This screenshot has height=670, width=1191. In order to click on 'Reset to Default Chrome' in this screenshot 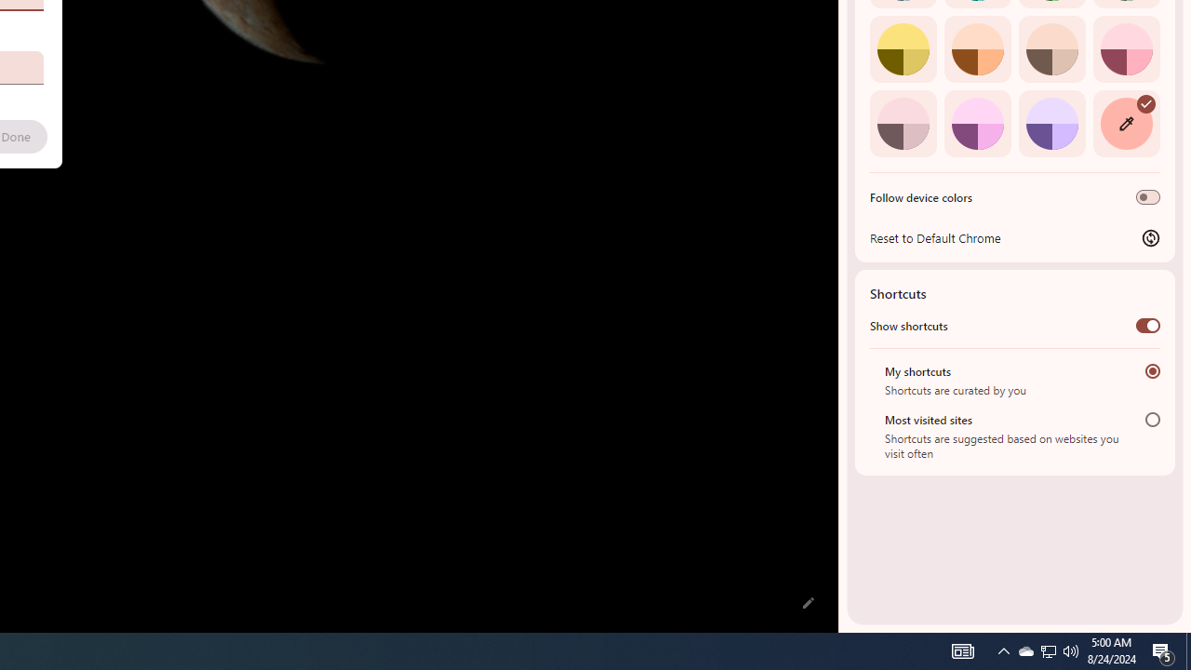, I will do `click(1014, 236)`.